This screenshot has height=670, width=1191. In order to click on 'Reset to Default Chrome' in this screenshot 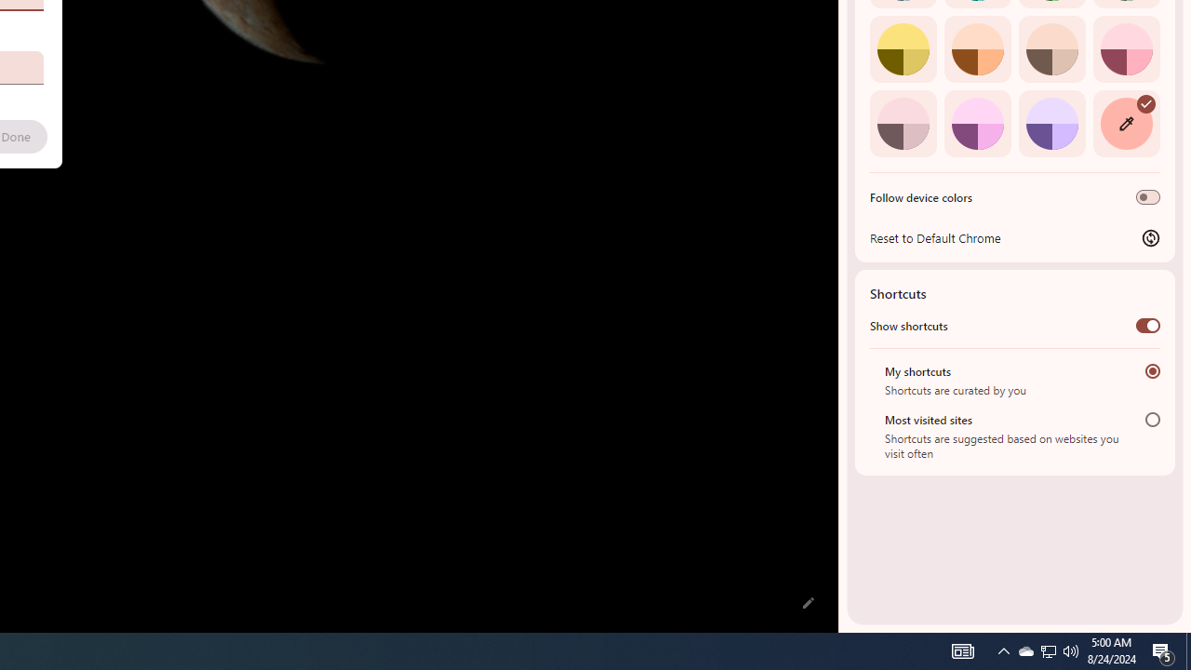, I will do `click(1014, 236)`.